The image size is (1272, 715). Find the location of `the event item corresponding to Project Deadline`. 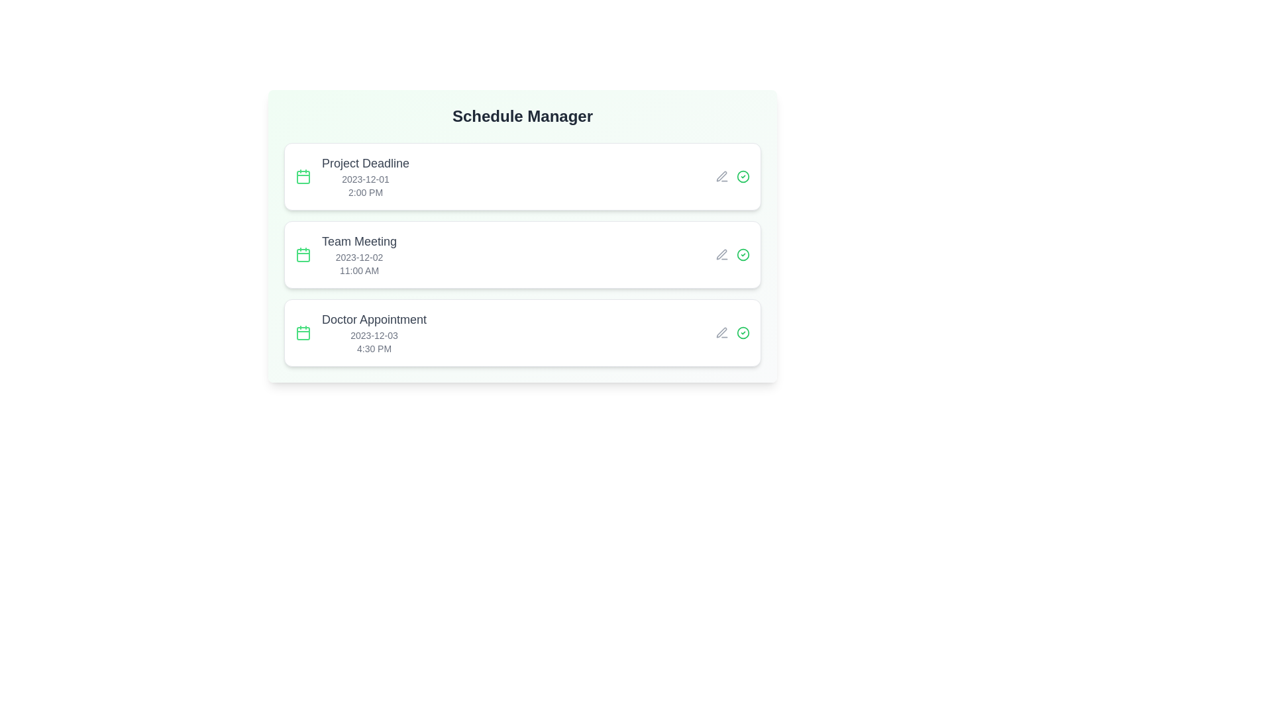

the event item corresponding to Project Deadline is located at coordinates (521, 175).